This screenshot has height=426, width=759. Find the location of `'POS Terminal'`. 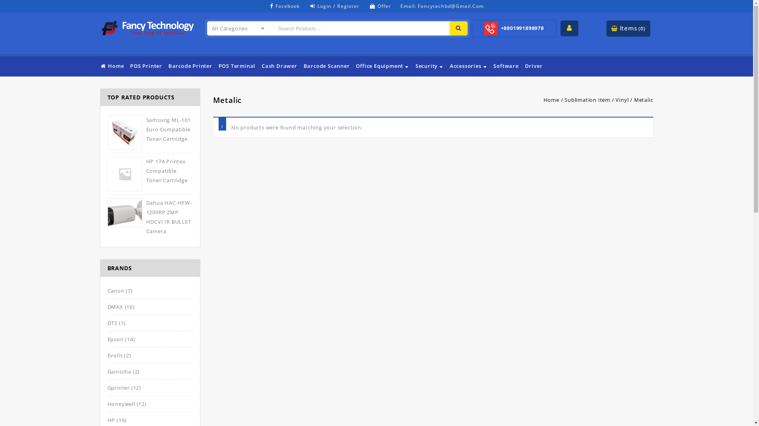

'POS Terminal' is located at coordinates (218, 65).